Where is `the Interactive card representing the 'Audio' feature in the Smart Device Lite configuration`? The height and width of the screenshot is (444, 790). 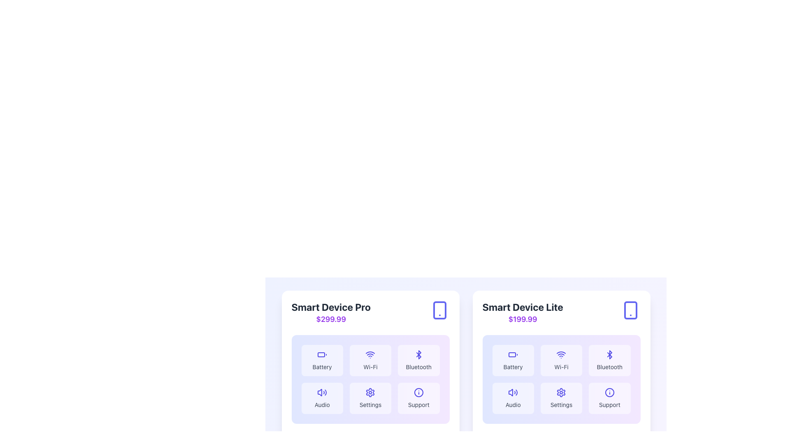
the Interactive card representing the 'Audio' feature in the Smart Device Lite configuration is located at coordinates (513, 398).